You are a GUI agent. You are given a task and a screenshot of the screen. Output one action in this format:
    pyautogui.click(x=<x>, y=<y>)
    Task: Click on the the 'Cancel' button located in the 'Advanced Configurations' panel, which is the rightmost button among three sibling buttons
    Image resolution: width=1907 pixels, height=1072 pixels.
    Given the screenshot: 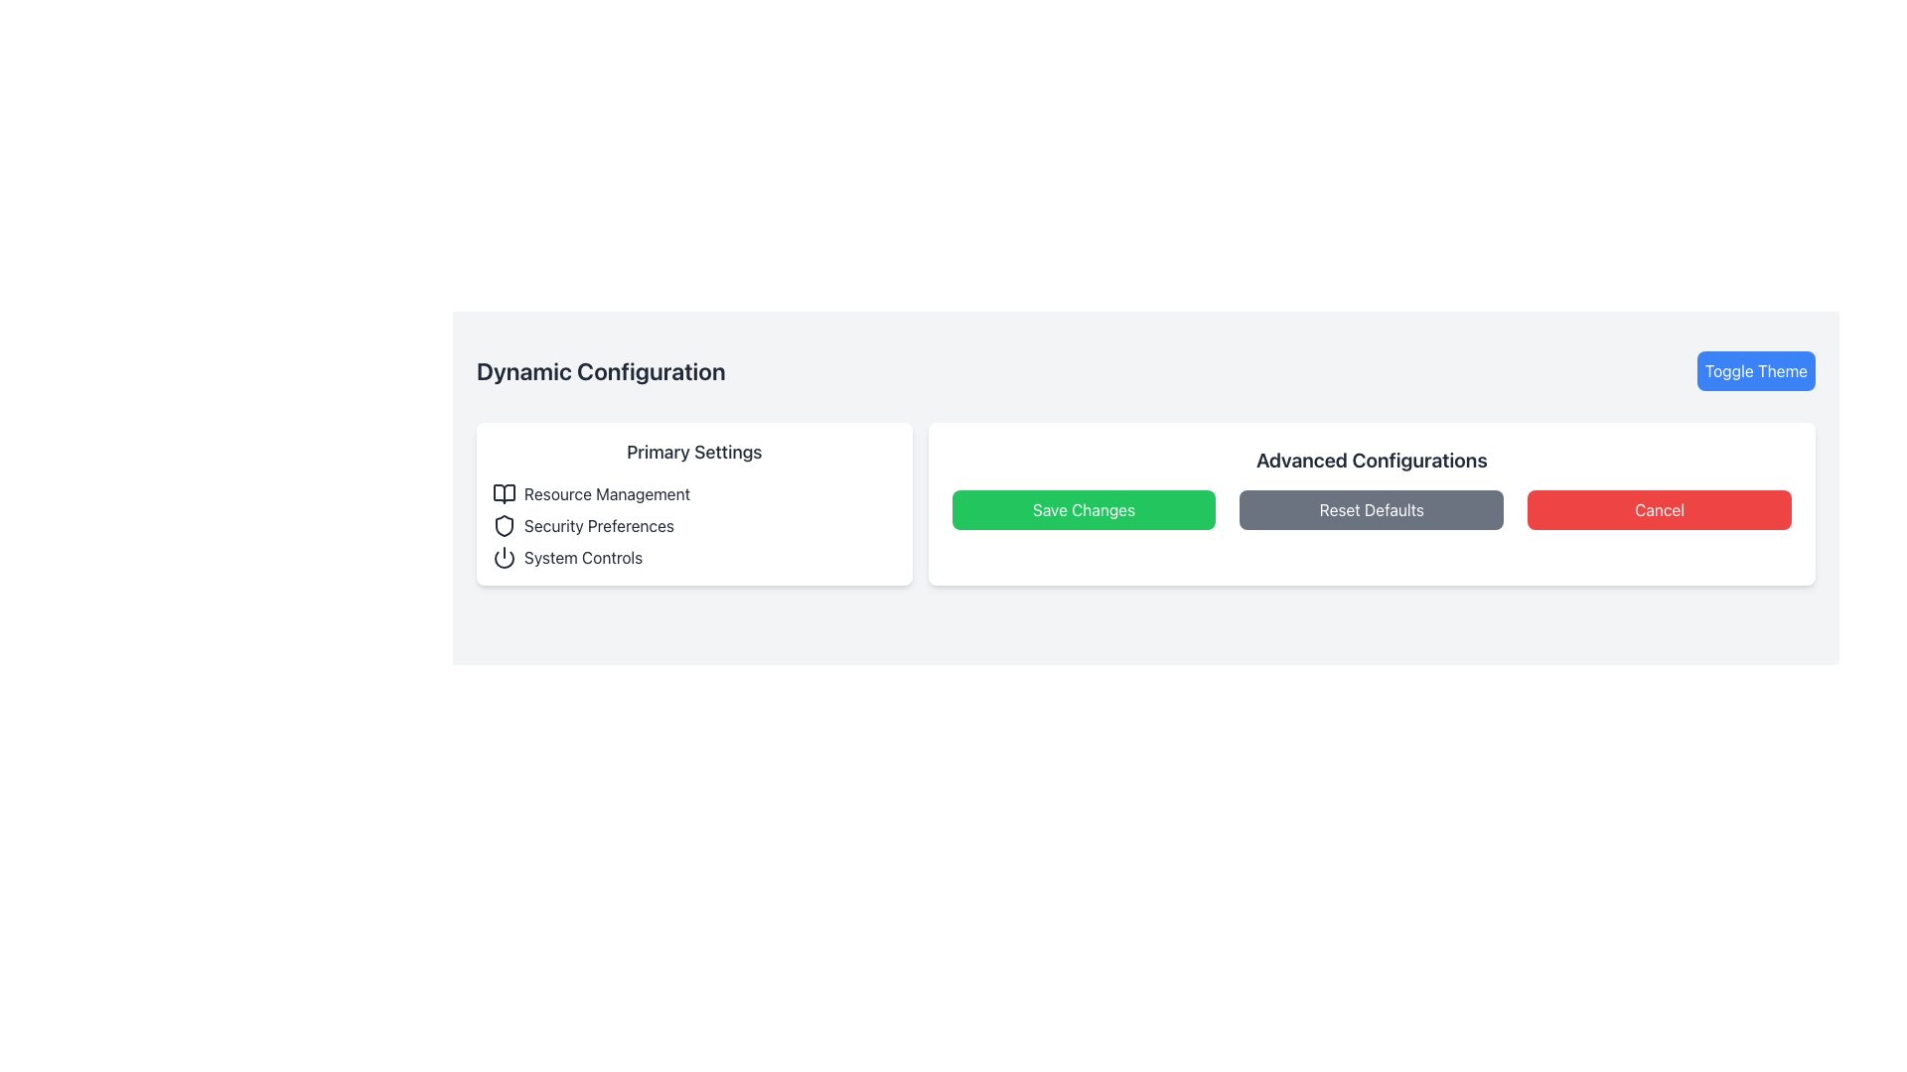 What is the action you would take?
    pyautogui.click(x=1660, y=508)
    